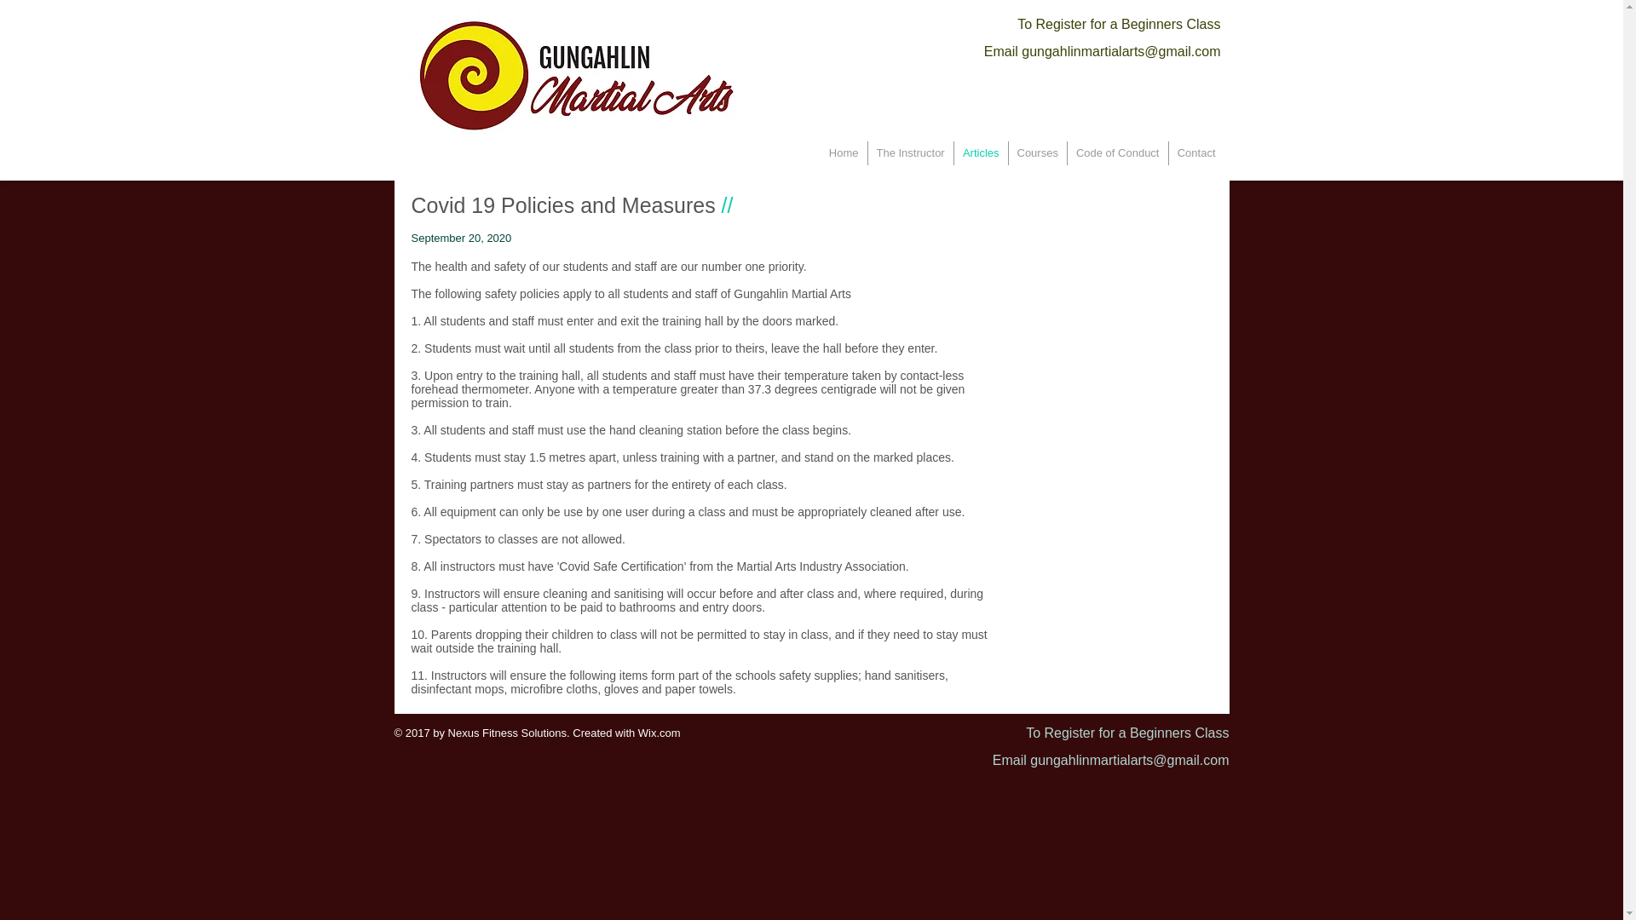 The width and height of the screenshot is (1636, 920). Describe the element at coordinates (981, 153) in the screenshot. I see `'Articles'` at that location.